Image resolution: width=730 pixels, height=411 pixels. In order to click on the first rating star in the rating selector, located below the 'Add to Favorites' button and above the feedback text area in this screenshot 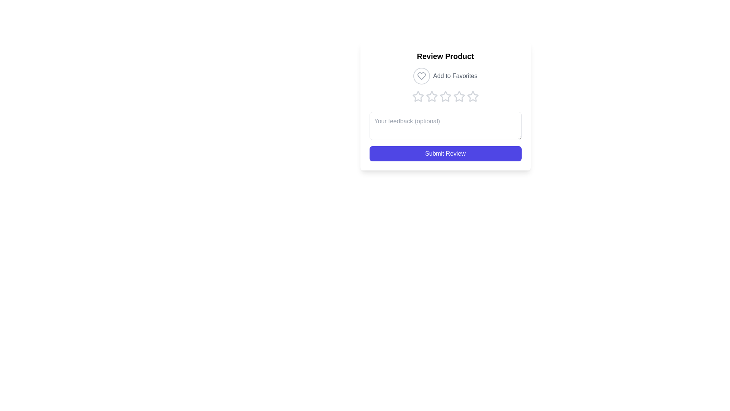, I will do `click(417, 96)`.